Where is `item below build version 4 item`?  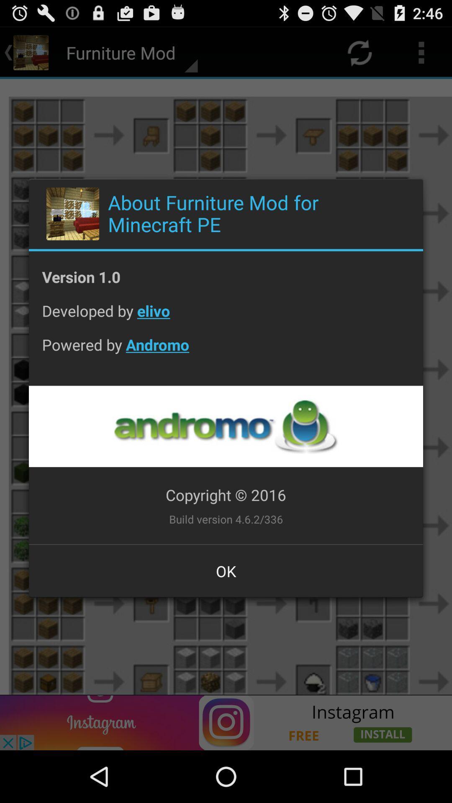 item below build version 4 item is located at coordinates (226, 570).